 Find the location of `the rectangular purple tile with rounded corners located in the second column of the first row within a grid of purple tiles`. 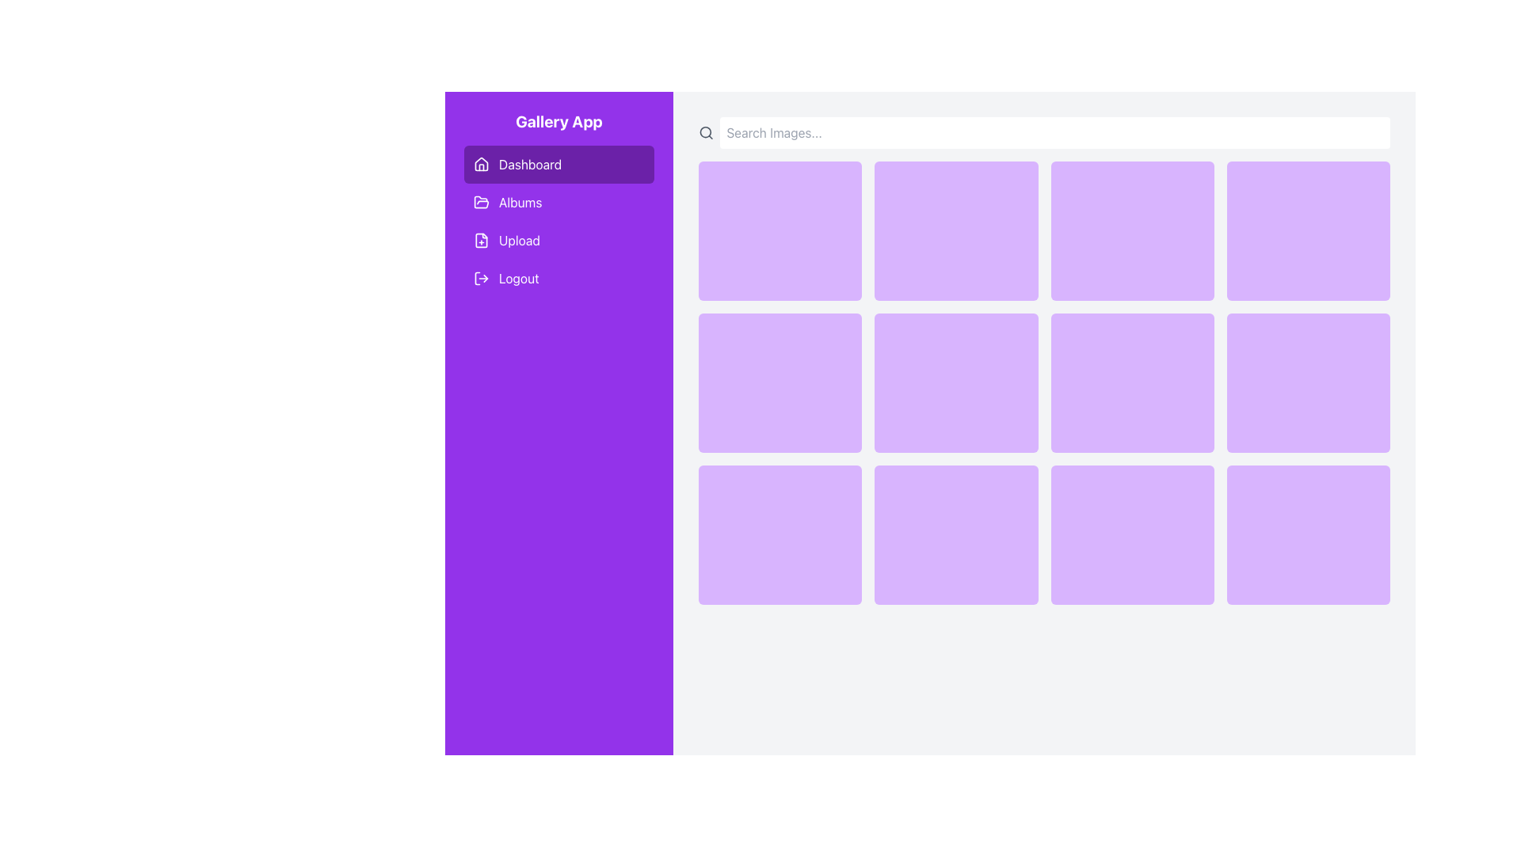

the rectangular purple tile with rounded corners located in the second column of the first row within a grid of purple tiles is located at coordinates (955, 231).